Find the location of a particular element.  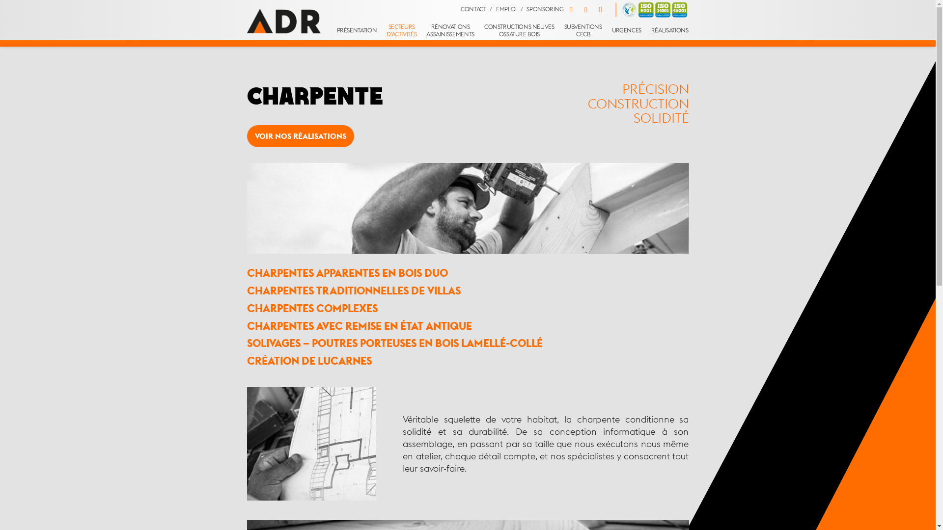

'EMPLOI' is located at coordinates (506, 9).